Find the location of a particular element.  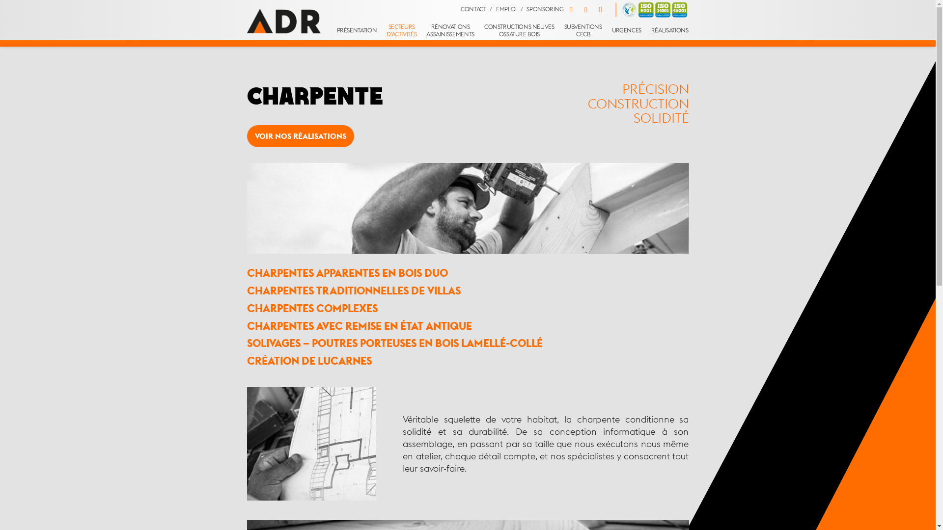

'EMPLOI' is located at coordinates (506, 9).